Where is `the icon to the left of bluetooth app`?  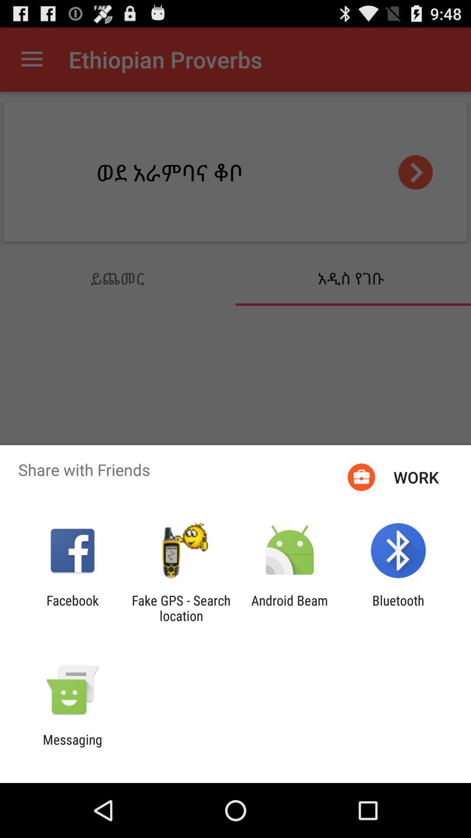 the icon to the left of bluetooth app is located at coordinates (290, 608).